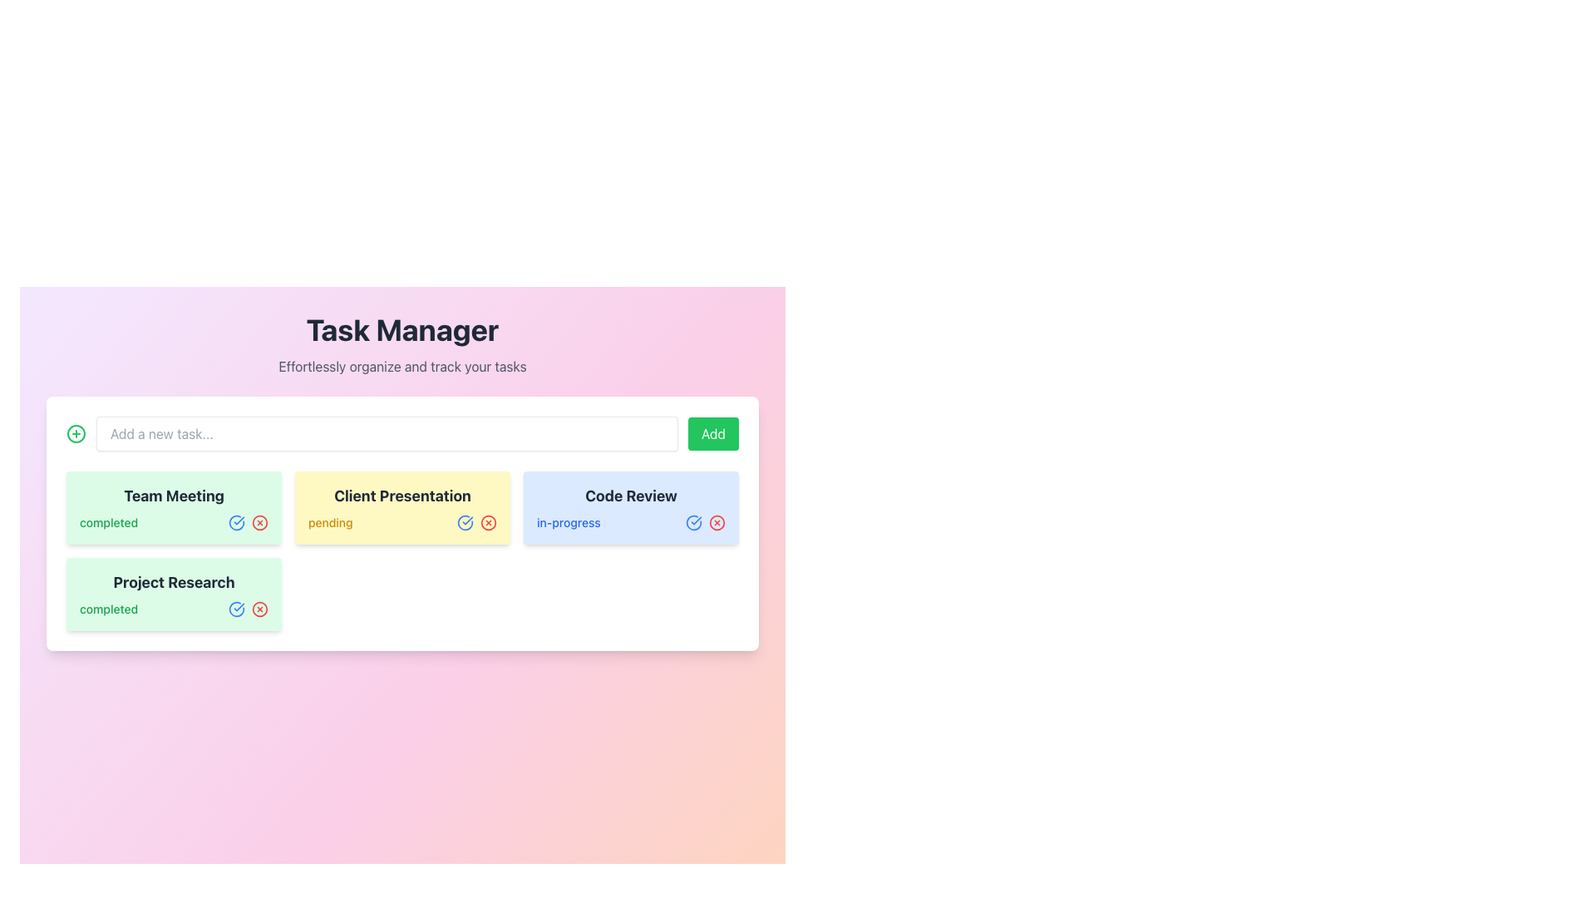 The height and width of the screenshot is (898, 1596). I want to click on the close or delete Icon button located in the bottom-right corner of the 'Client Presentation' card, so click(488, 521).